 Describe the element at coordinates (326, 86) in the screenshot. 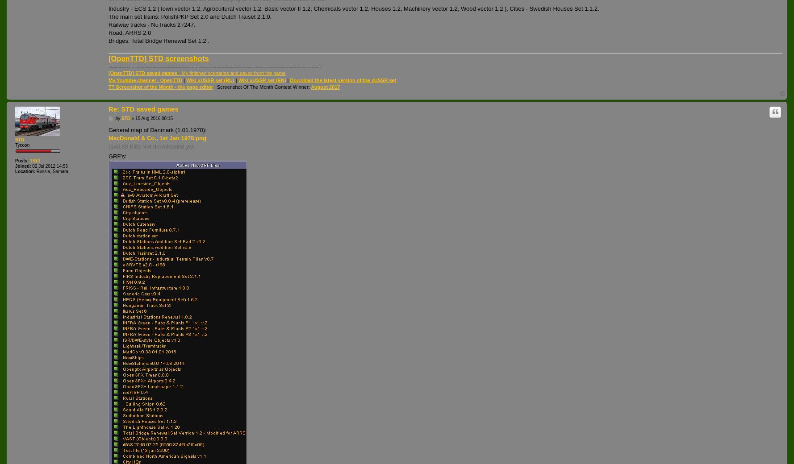

I see `'ugust 2017'` at that location.